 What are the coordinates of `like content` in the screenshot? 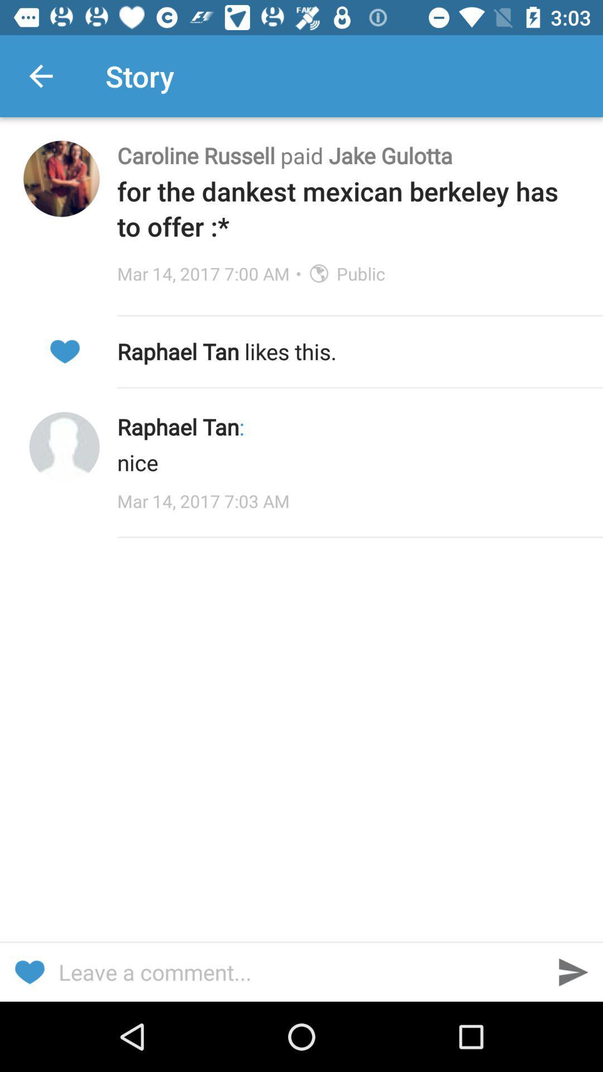 It's located at (64, 351).